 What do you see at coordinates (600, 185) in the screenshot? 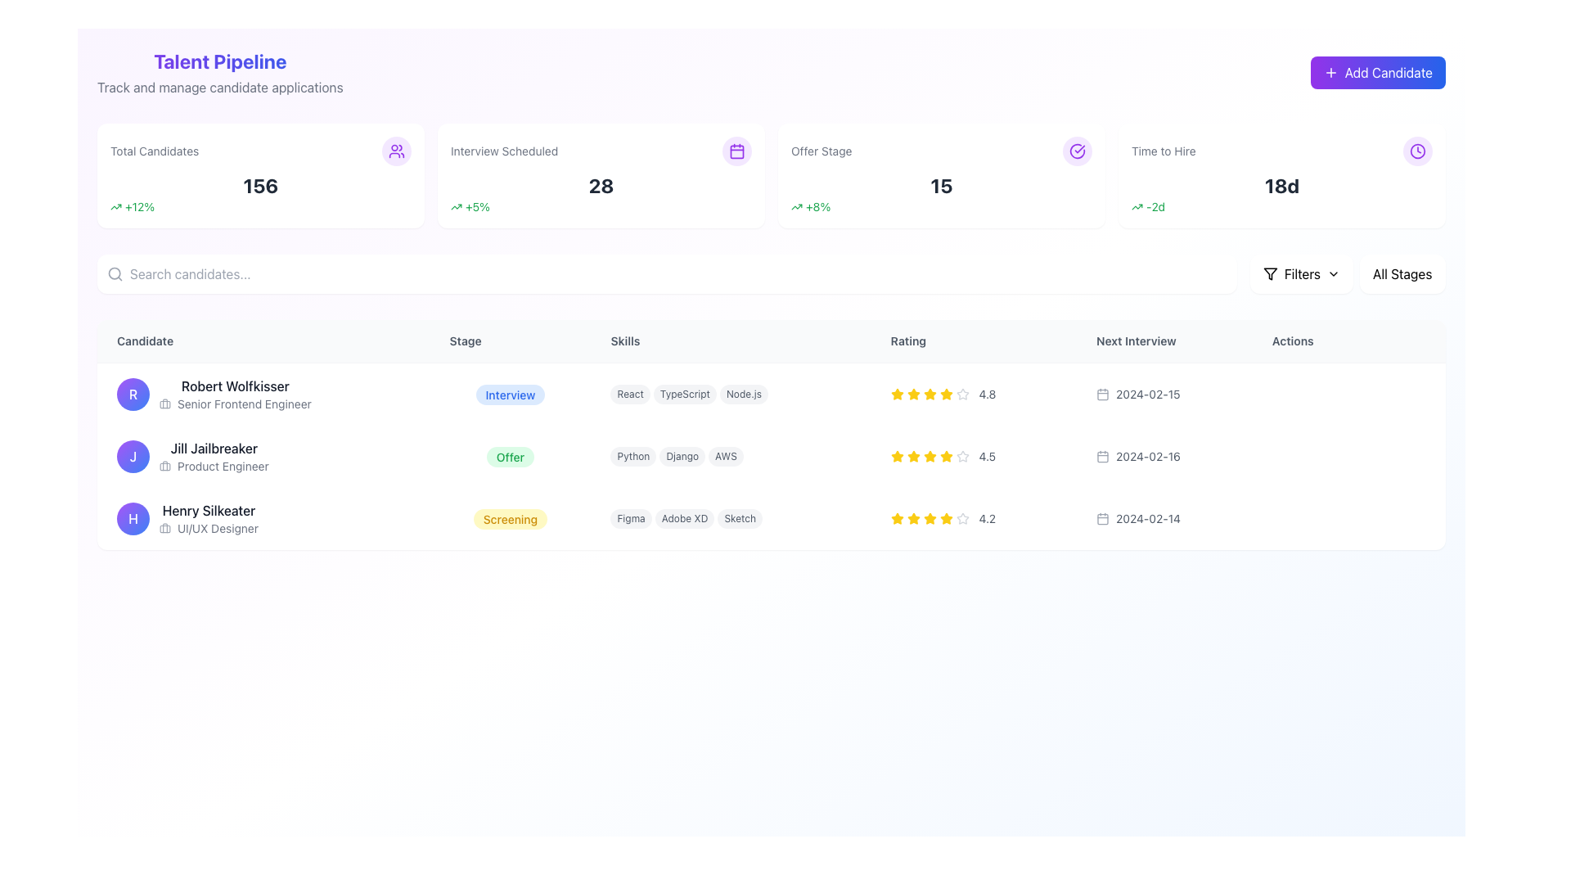
I see `the text label displaying the number of interviews scheduled (28) located in the second card under 'Interview Scheduled'` at bounding box center [600, 185].